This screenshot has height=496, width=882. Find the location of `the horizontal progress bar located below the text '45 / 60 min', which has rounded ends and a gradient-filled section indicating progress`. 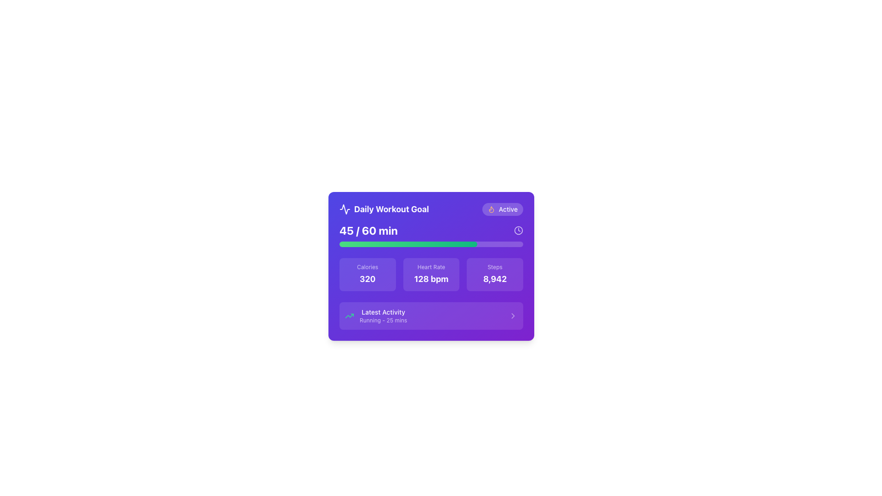

the horizontal progress bar located below the text '45 / 60 min', which has rounded ends and a gradient-filled section indicating progress is located at coordinates (431, 244).